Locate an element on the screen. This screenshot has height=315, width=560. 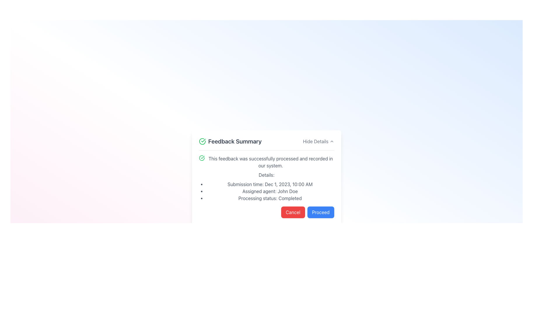
the 'Hide Details' hyperlink button located in the upper-right corner of the 'Feedback Summary' section, which is styled in gray and underlined on hover is located at coordinates (318, 141).